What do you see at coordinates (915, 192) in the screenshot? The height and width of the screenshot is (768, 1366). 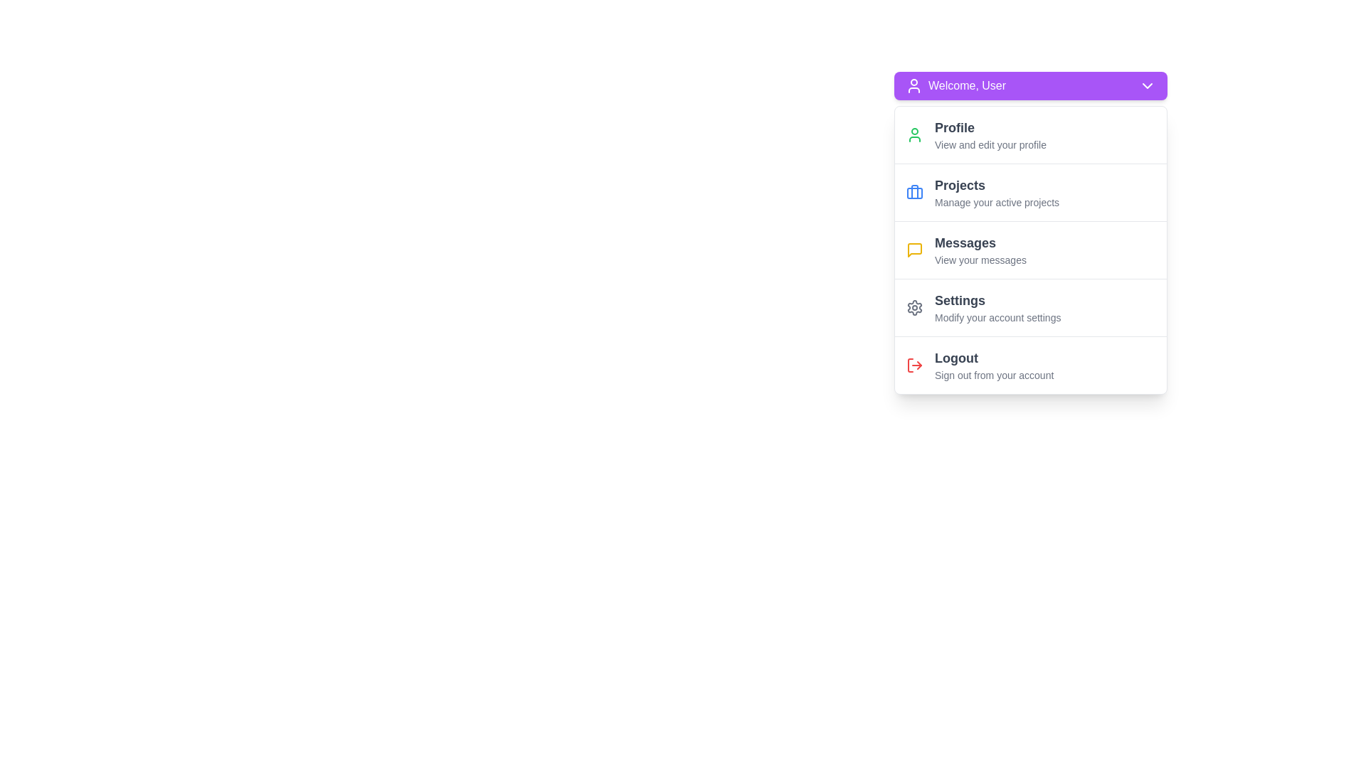 I see `the blue briefcase icon located to the left of the 'Projects' text in the dropdown menu accessible under 'Welcome, User'` at bounding box center [915, 192].